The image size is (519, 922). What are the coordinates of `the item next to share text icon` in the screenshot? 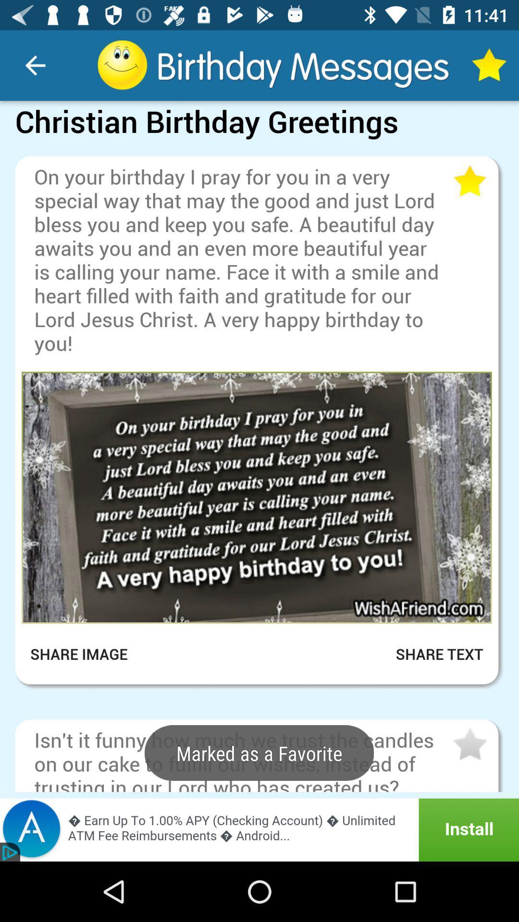 It's located at (85, 654).